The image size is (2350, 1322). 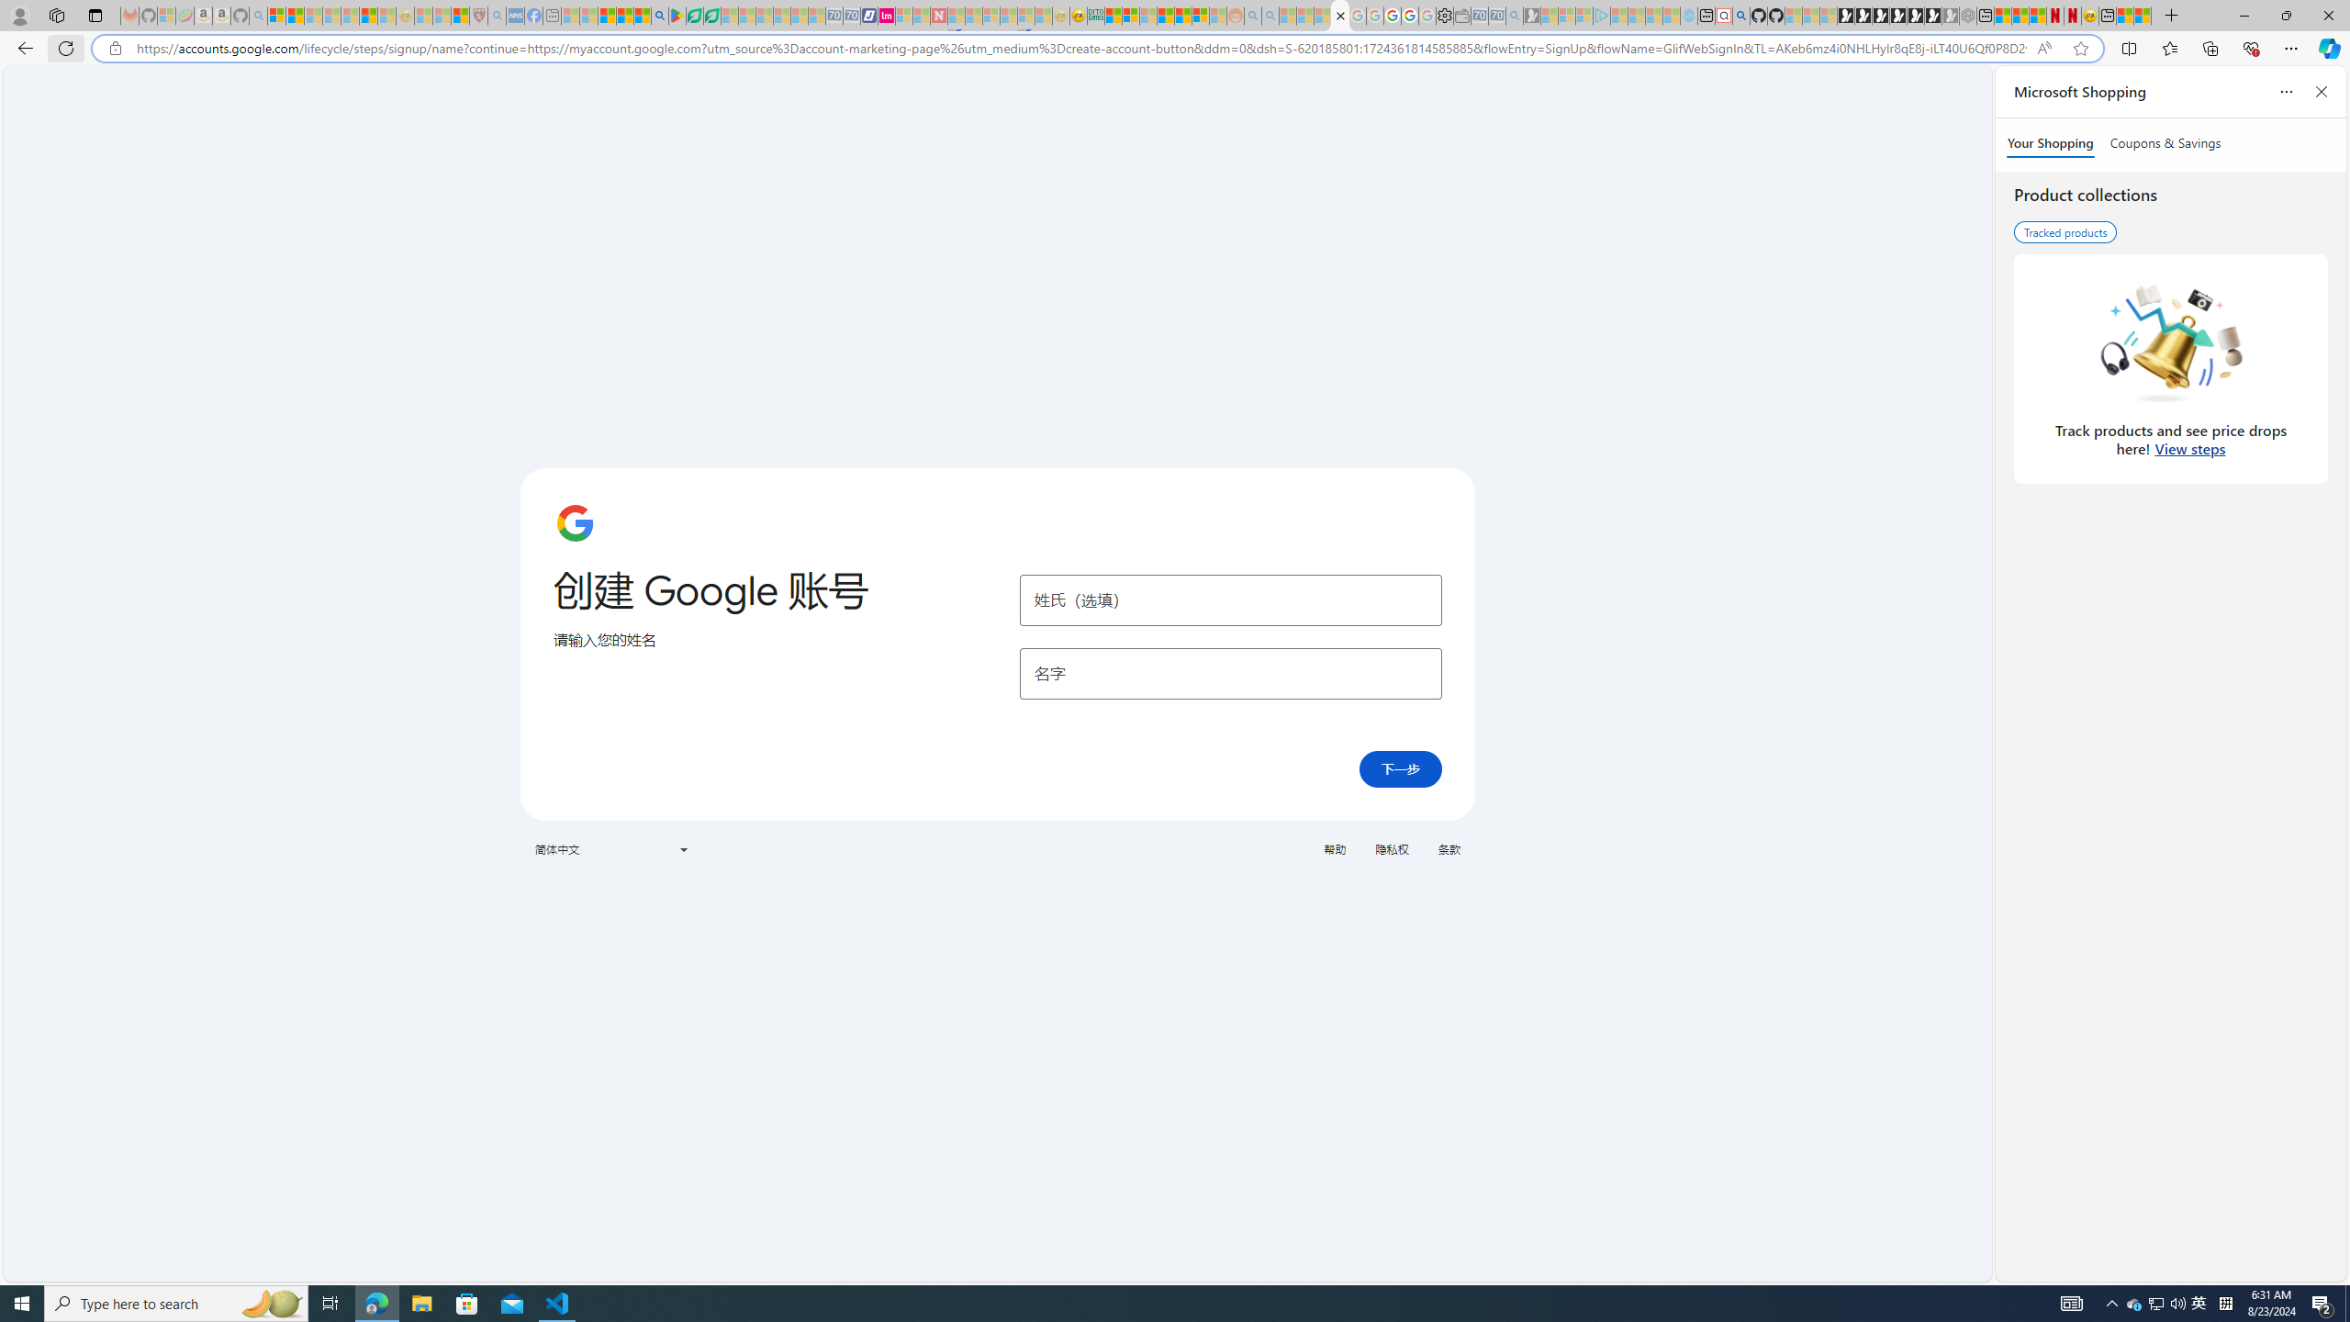 What do you see at coordinates (1846, 15) in the screenshot?
I see `'Play Free Online Games | Games from Microsoft Start'` at bounding box center [1846, 15].